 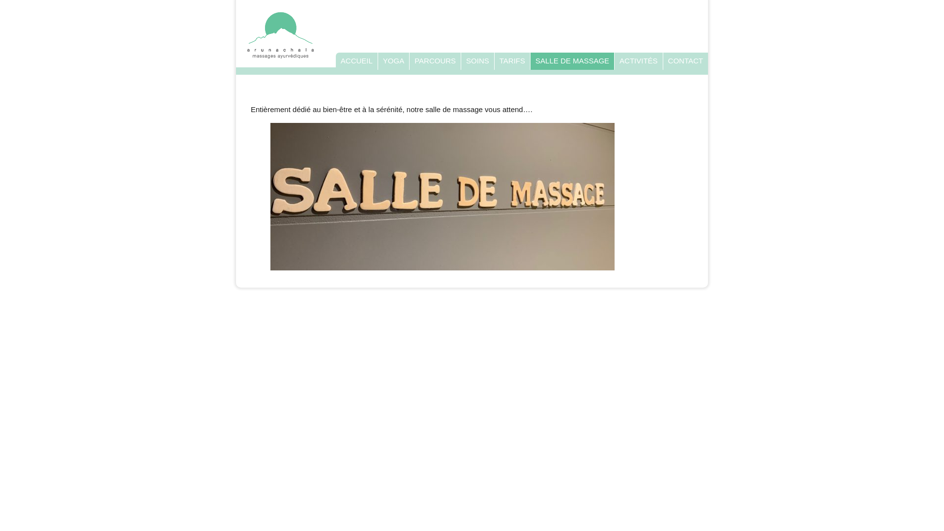 I want to click on 'ACCUEIL', so click(x=356, y=60).